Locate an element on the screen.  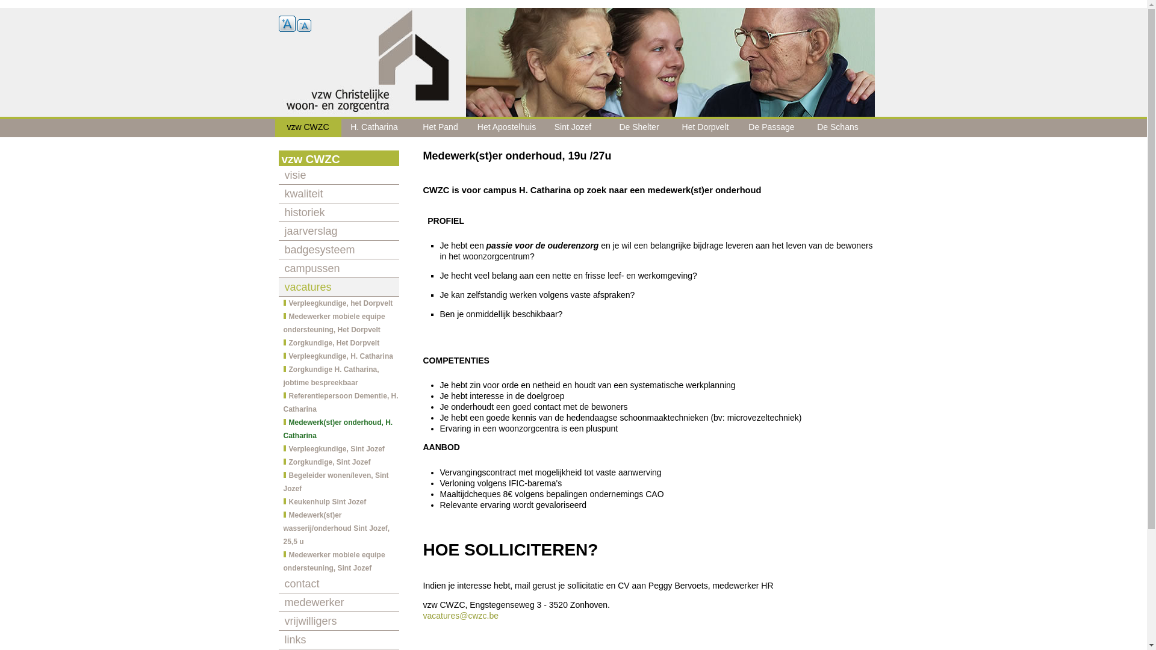
'H. Catharina' is located at coordinates (373, 127).